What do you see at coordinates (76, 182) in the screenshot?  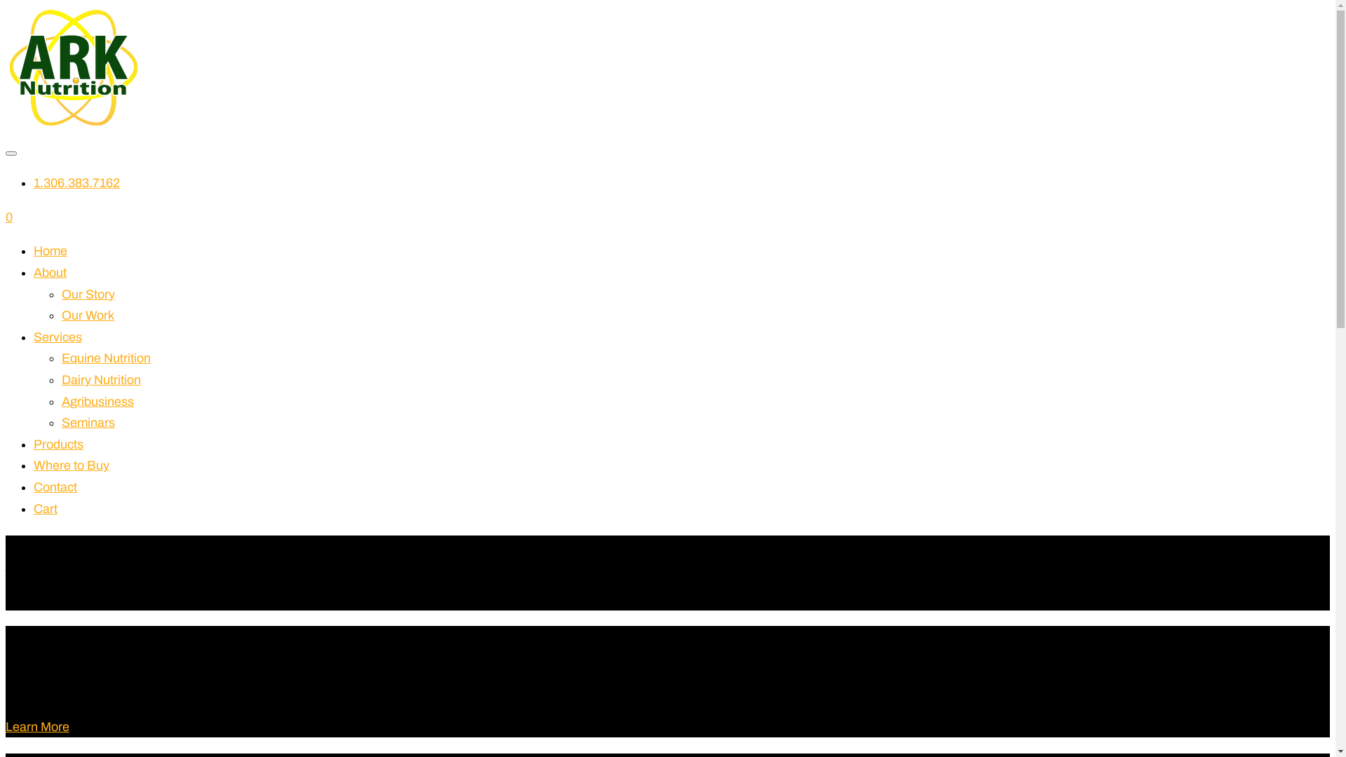 I see `'1.306.383.7162'` at bounding box center [76, 182].